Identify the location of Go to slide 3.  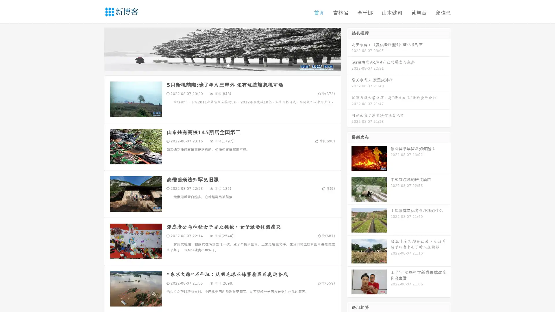
(228, 65).